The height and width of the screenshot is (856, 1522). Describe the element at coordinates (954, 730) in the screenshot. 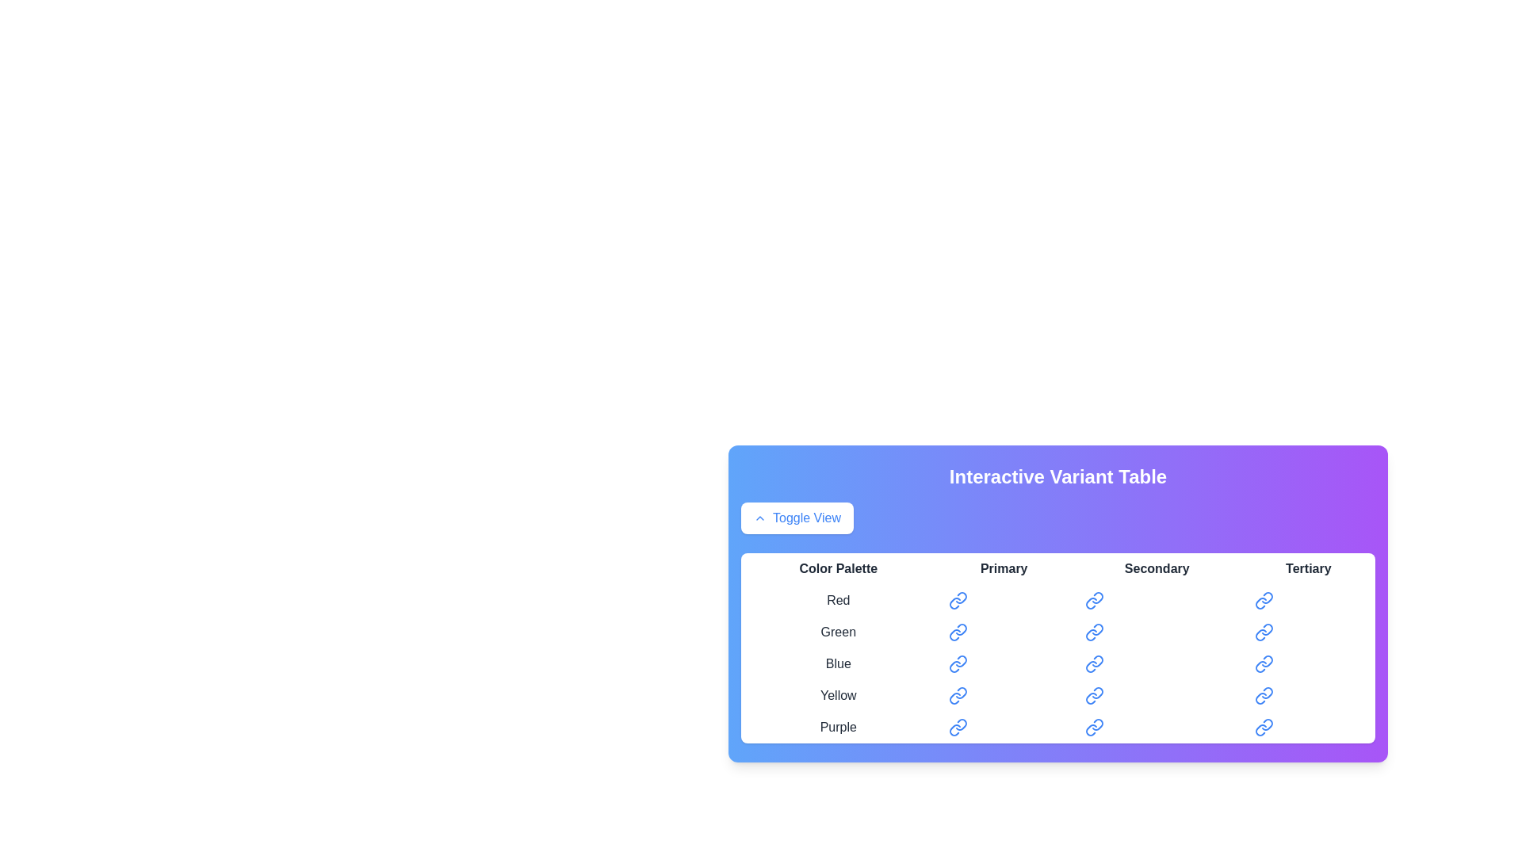

I see `the chain link icon` at that location.